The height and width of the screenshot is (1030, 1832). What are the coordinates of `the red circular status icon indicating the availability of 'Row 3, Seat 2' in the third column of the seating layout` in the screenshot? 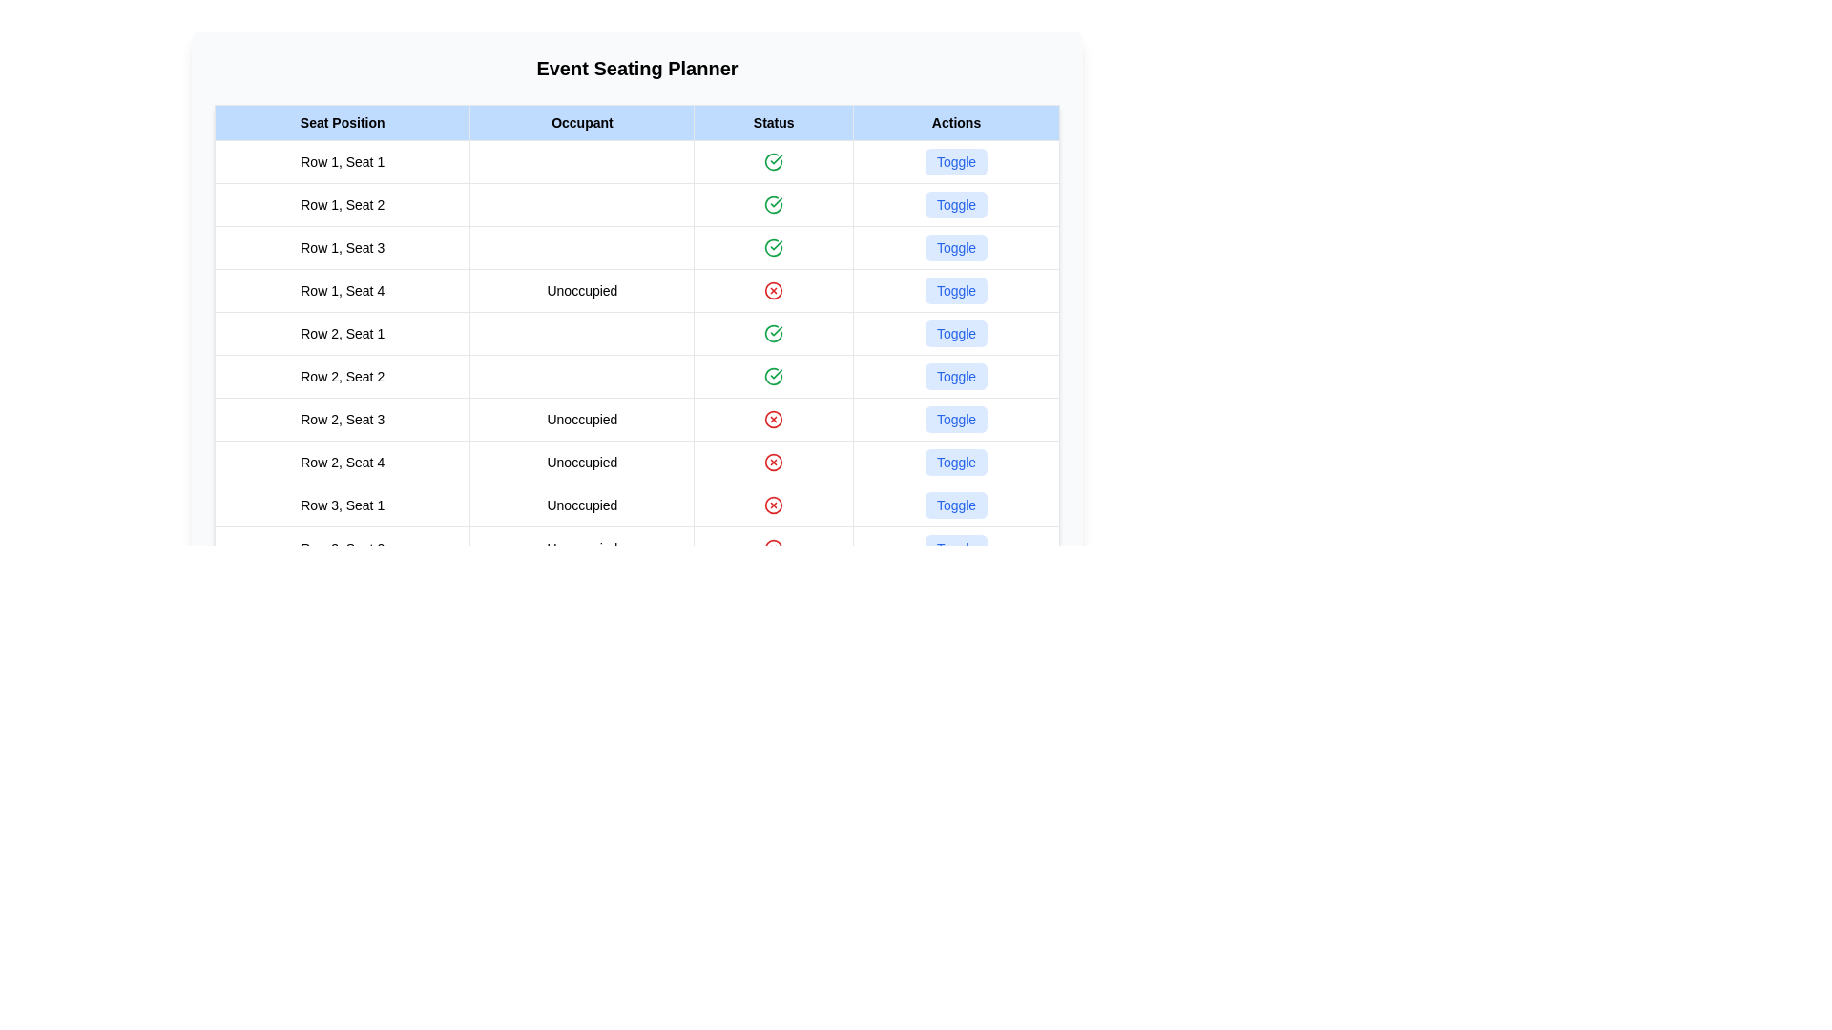 It's located at (774, 547).